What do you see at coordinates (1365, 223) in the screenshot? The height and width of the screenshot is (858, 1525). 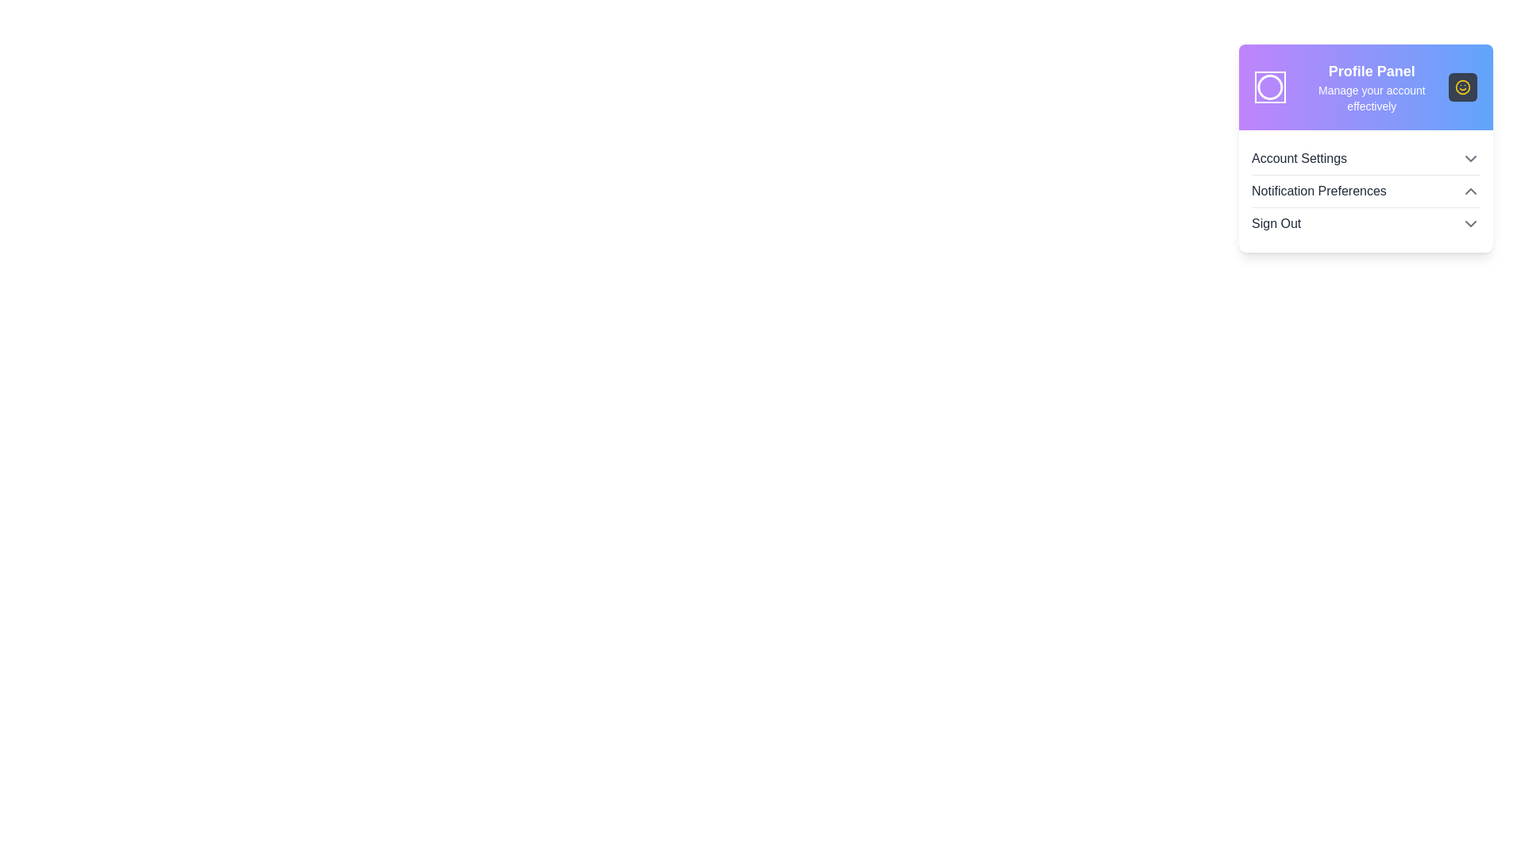 I see `the logout button located in the dropdown profile menu, positioned below 'Notification Preferences', to log out or show confirmation options` at bounding box center [1365, 223].